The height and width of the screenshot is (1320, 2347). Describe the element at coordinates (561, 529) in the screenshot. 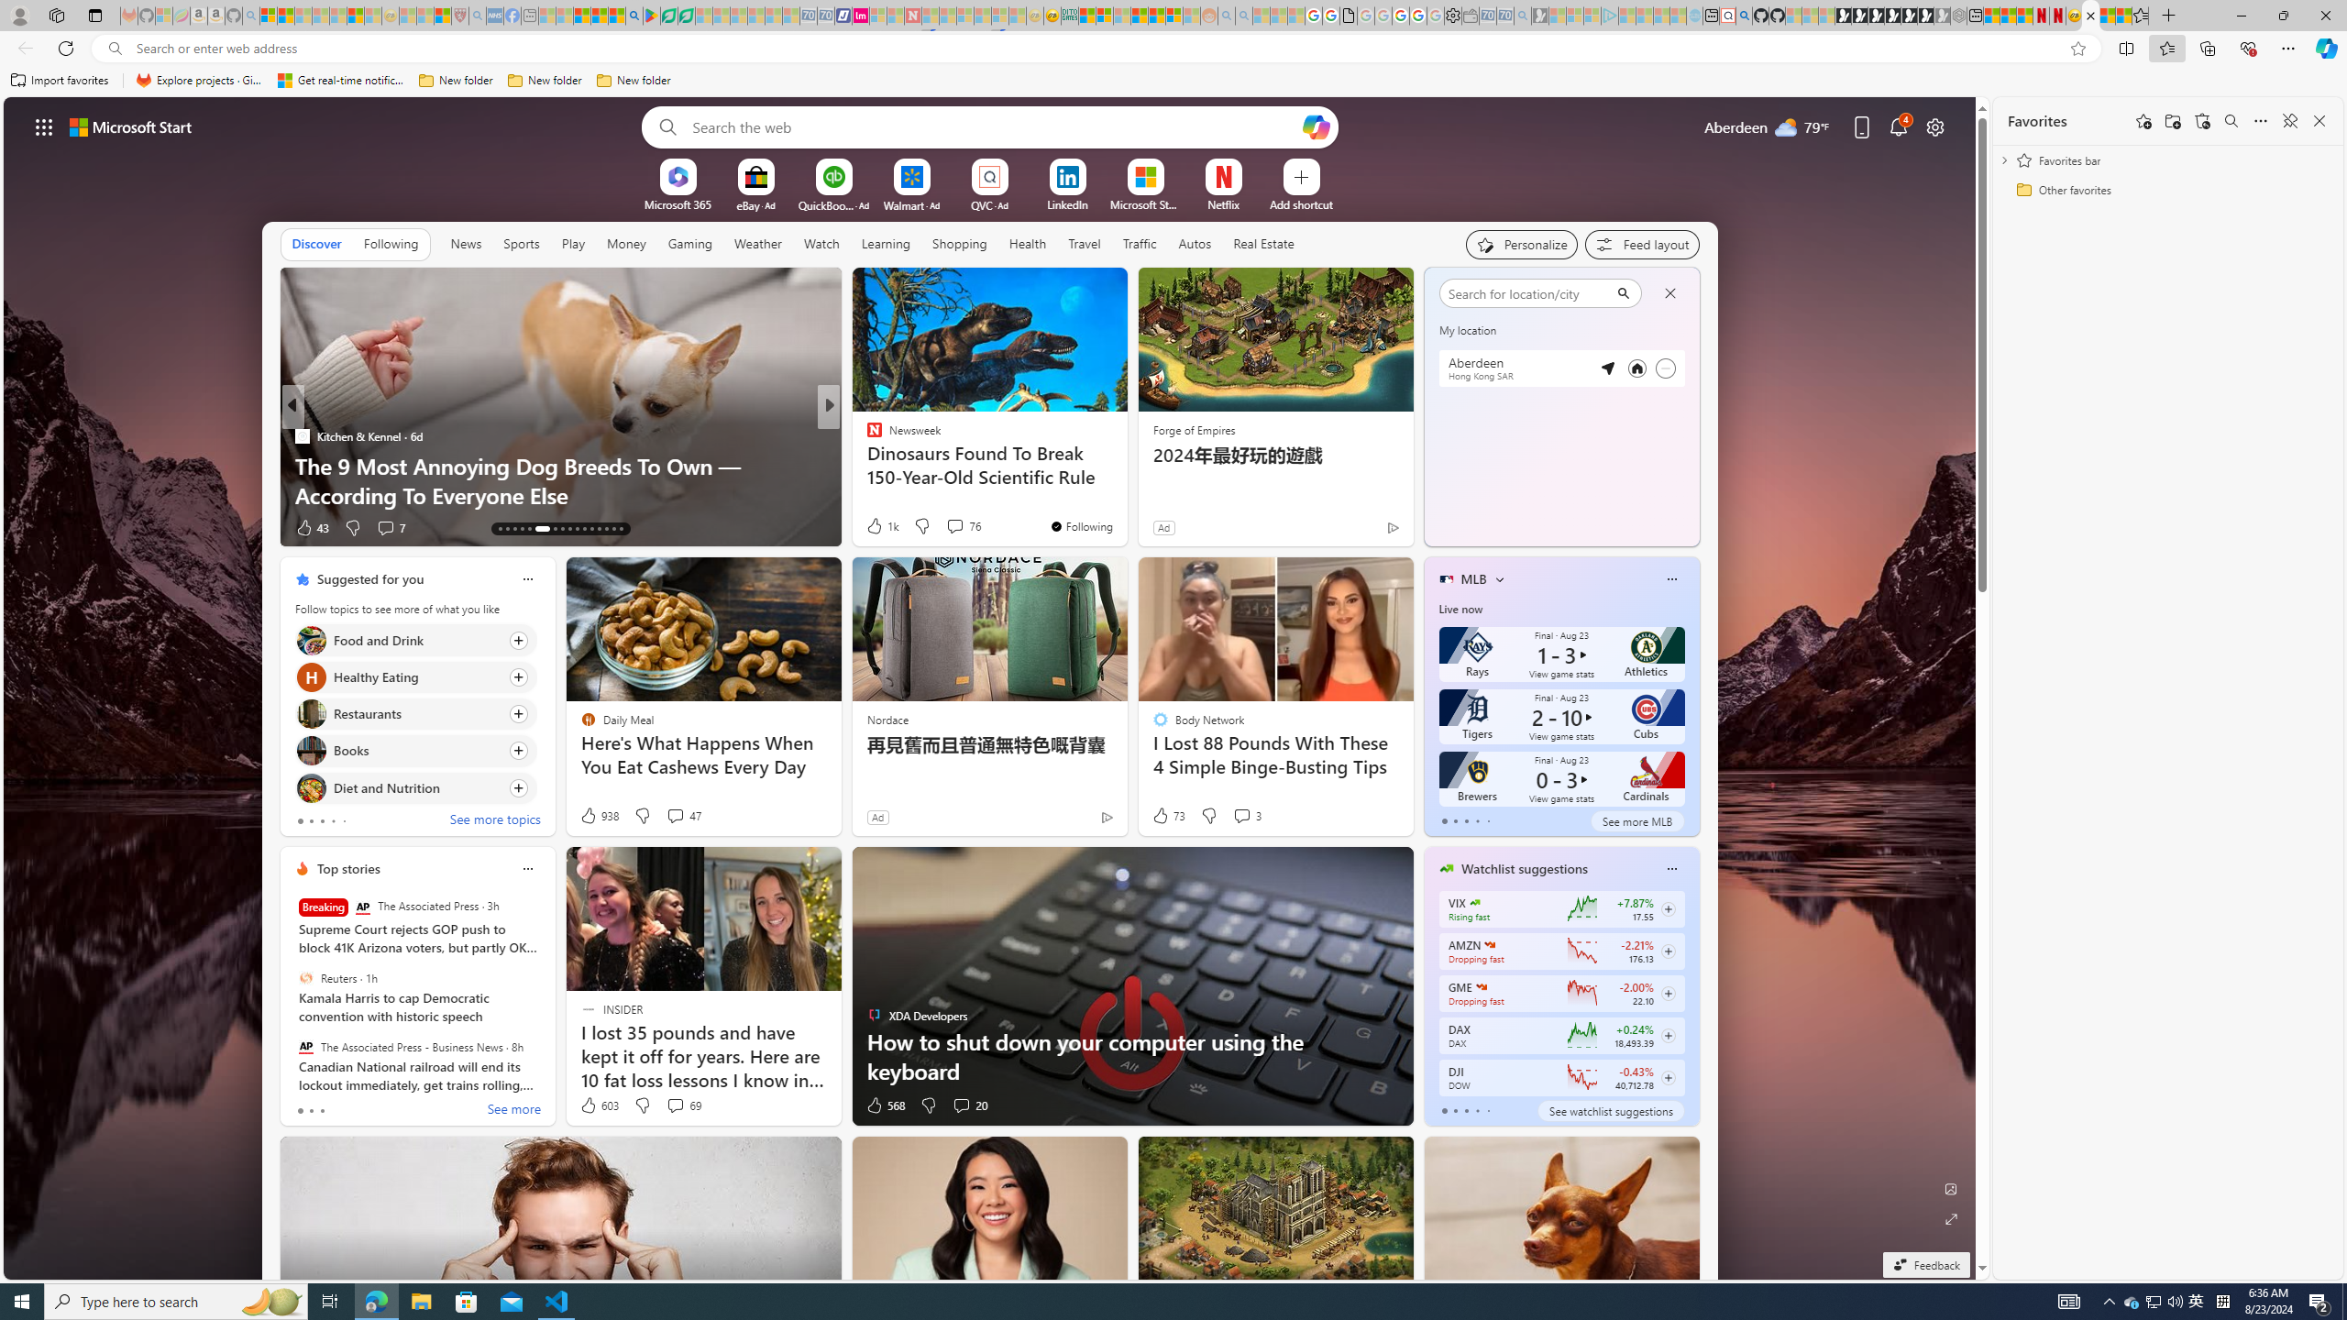

I see `'AutomationID: tab-20'` at that location.